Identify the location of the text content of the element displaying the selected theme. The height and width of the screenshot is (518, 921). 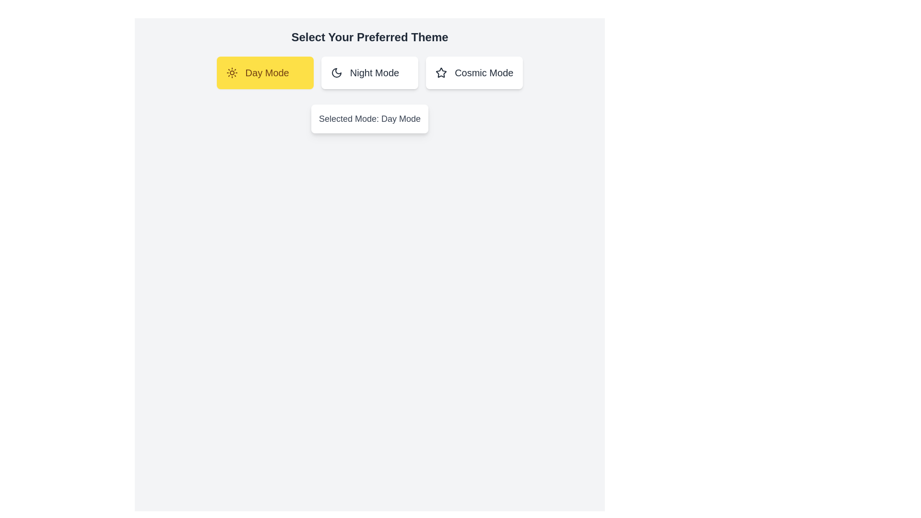
(369, 118).